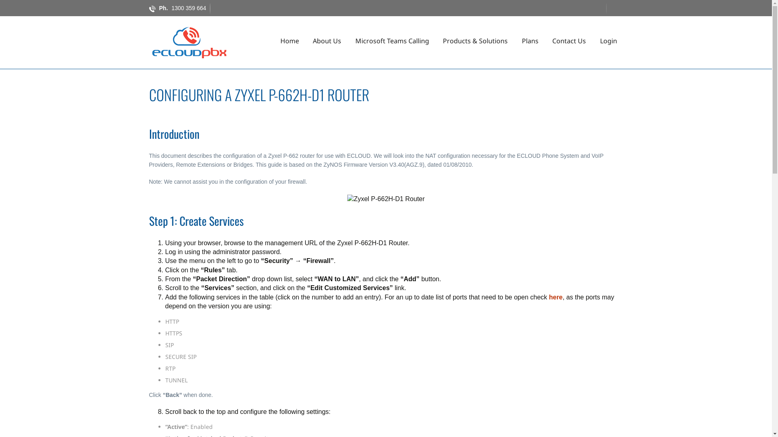 The image size is (778, 437). Describe the element at coordinates (475, 40) in the screenshot. I see `'Products & Solutions'` at that location.